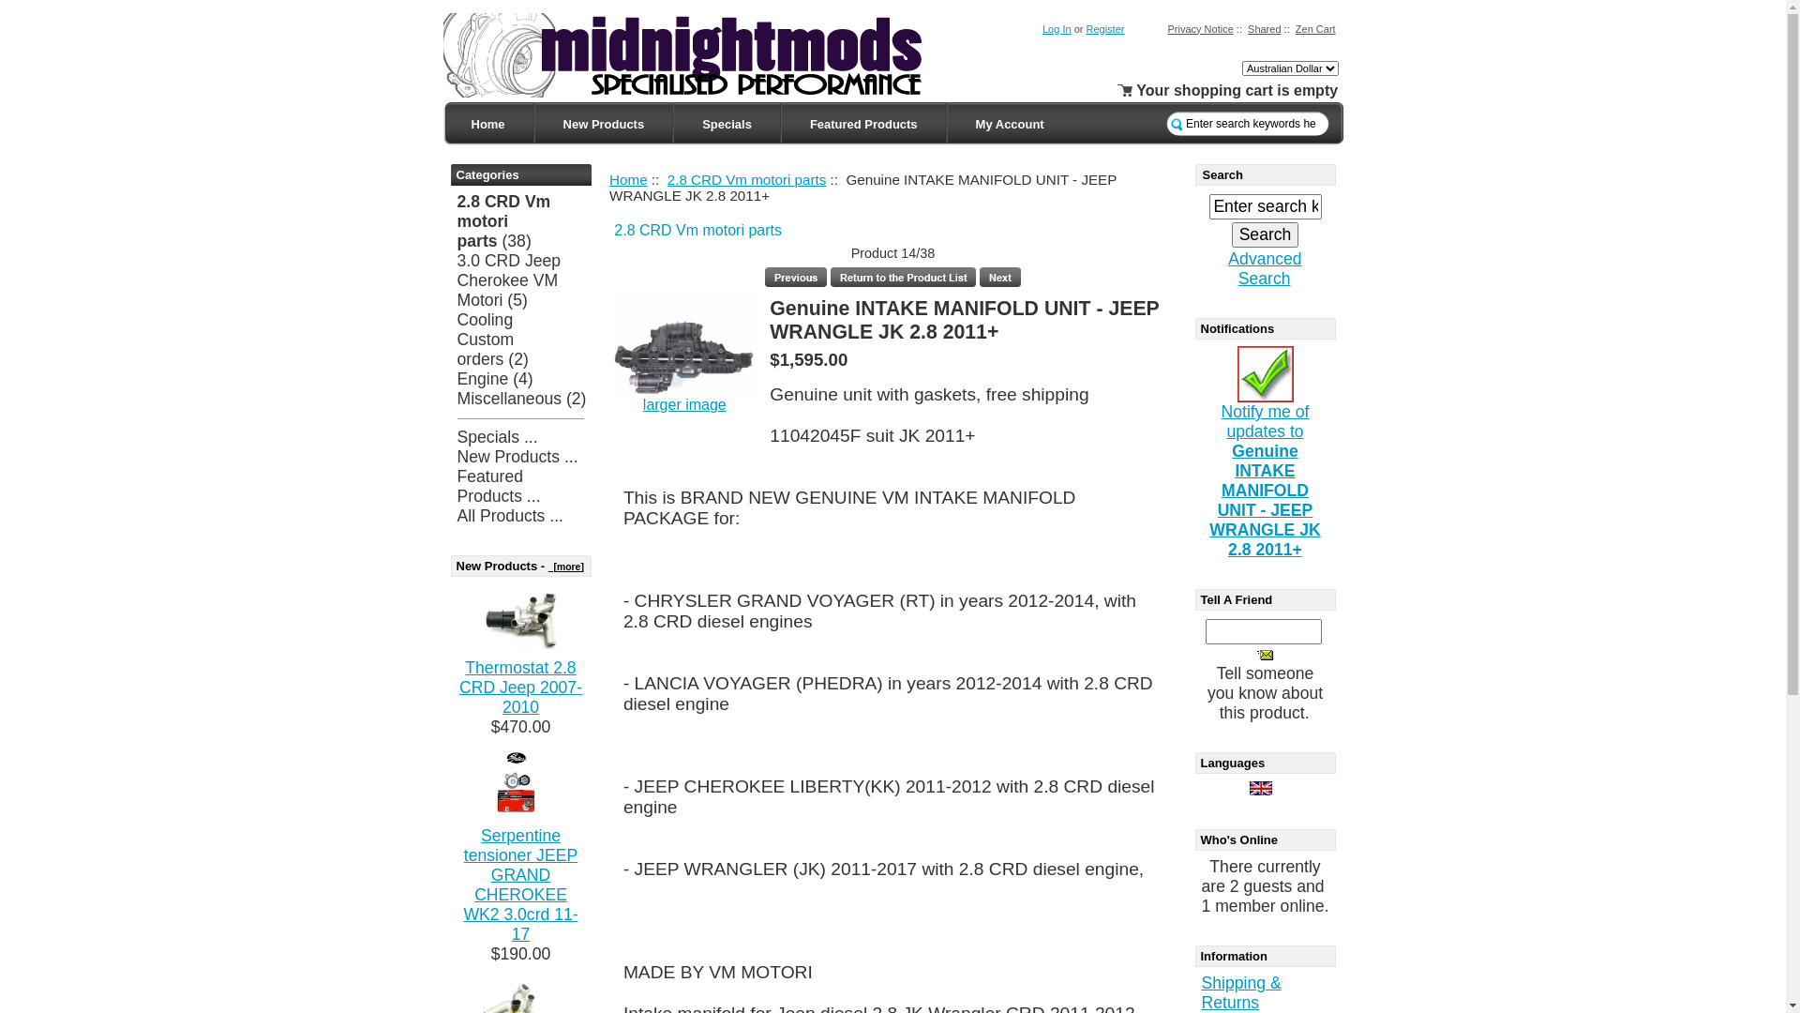 This screenshot has height=1013, width=1800. I want to click on '2.8 CRD Vm motori parts', so click(697, 229).